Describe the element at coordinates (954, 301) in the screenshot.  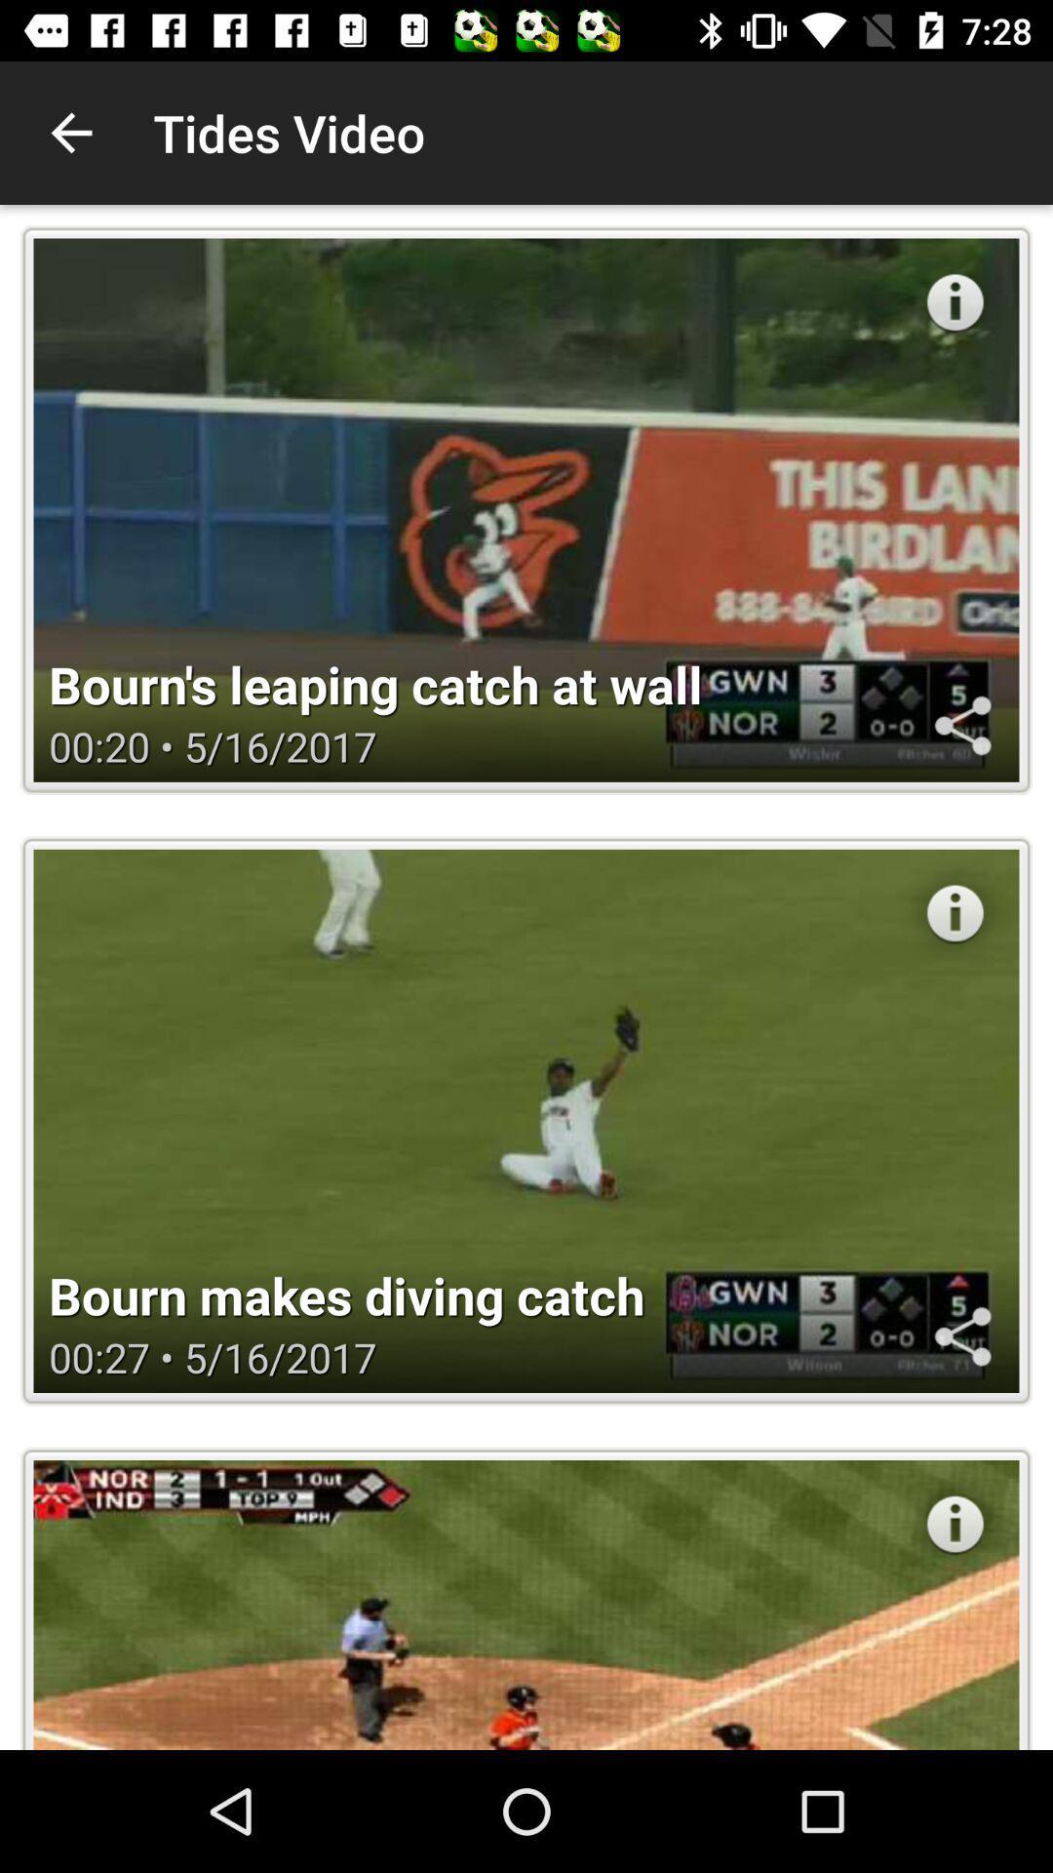
I see `click for information` at that location.